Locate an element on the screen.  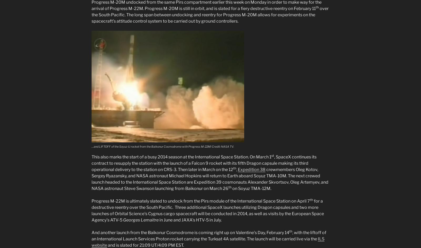
'…and LIFTOFF of the Soyuz-U rocket from the Baikonur Cosmodrome with Progress M-22M! Credit: NASA TV.' is located at coordinates (163, 146).